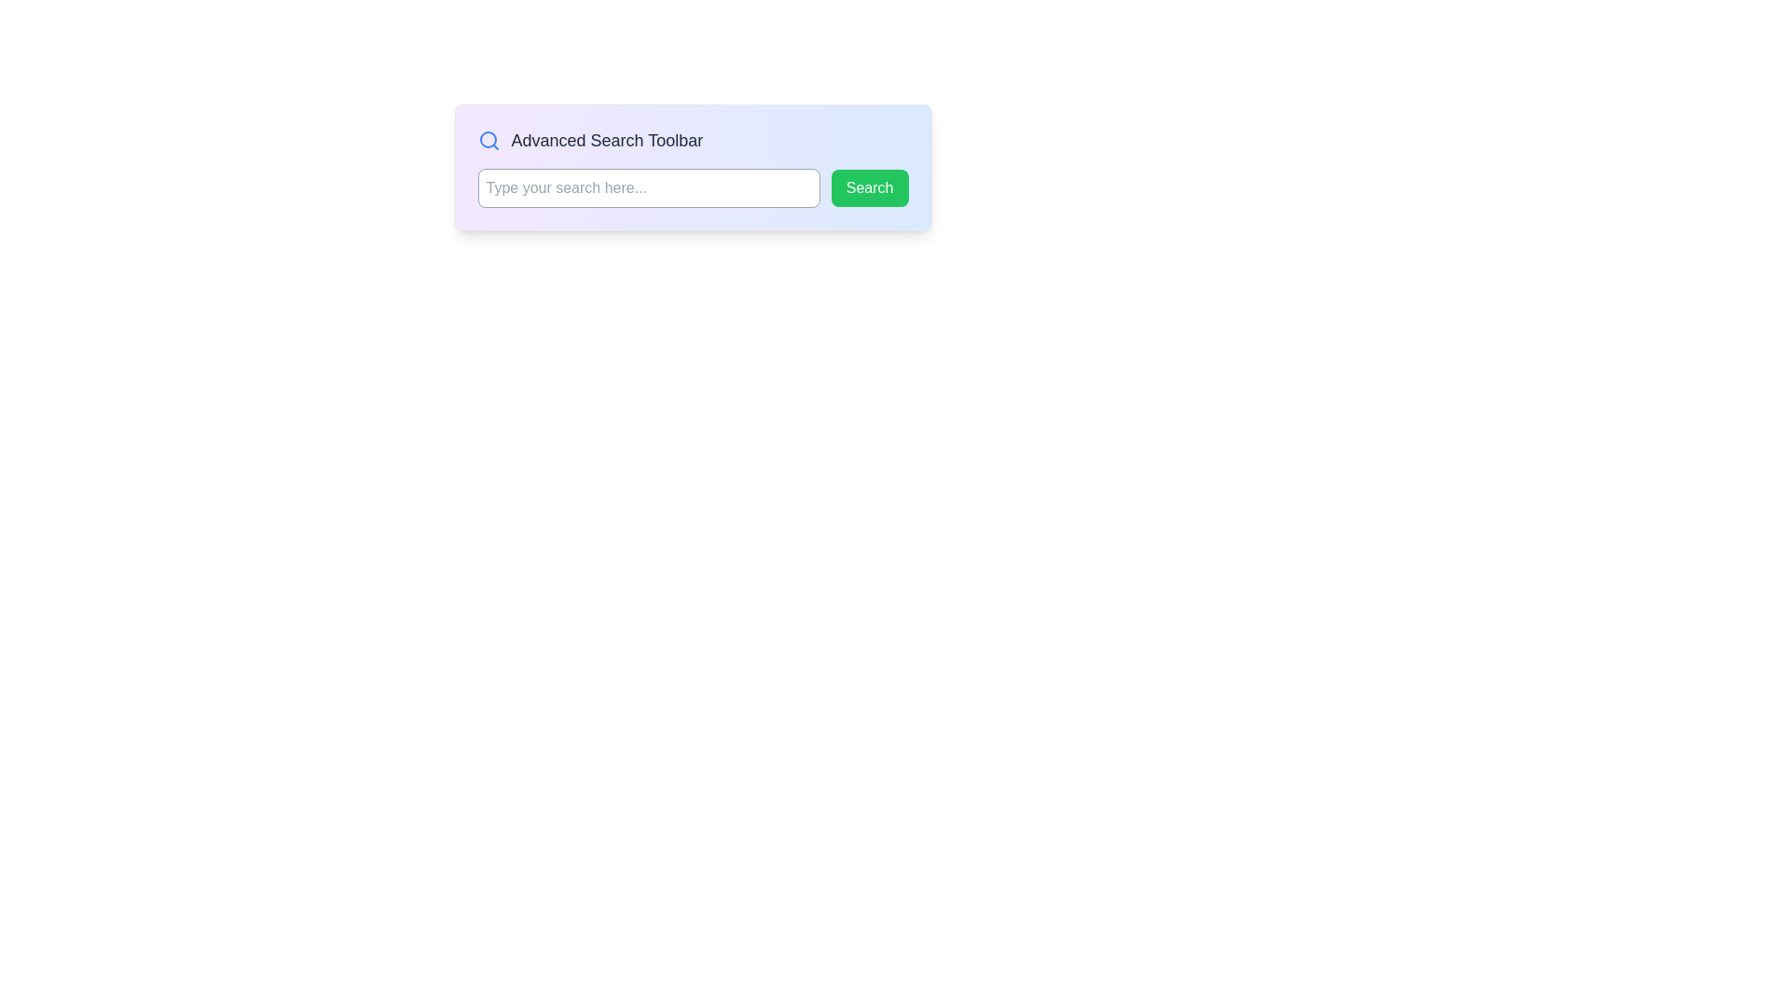 This screenshot has width=1790, height=1007. Describe the element at coordinates (868, 187) in the screenshot. I see `the green 'Search' button with white text centered within it to initiate a search` at that location.